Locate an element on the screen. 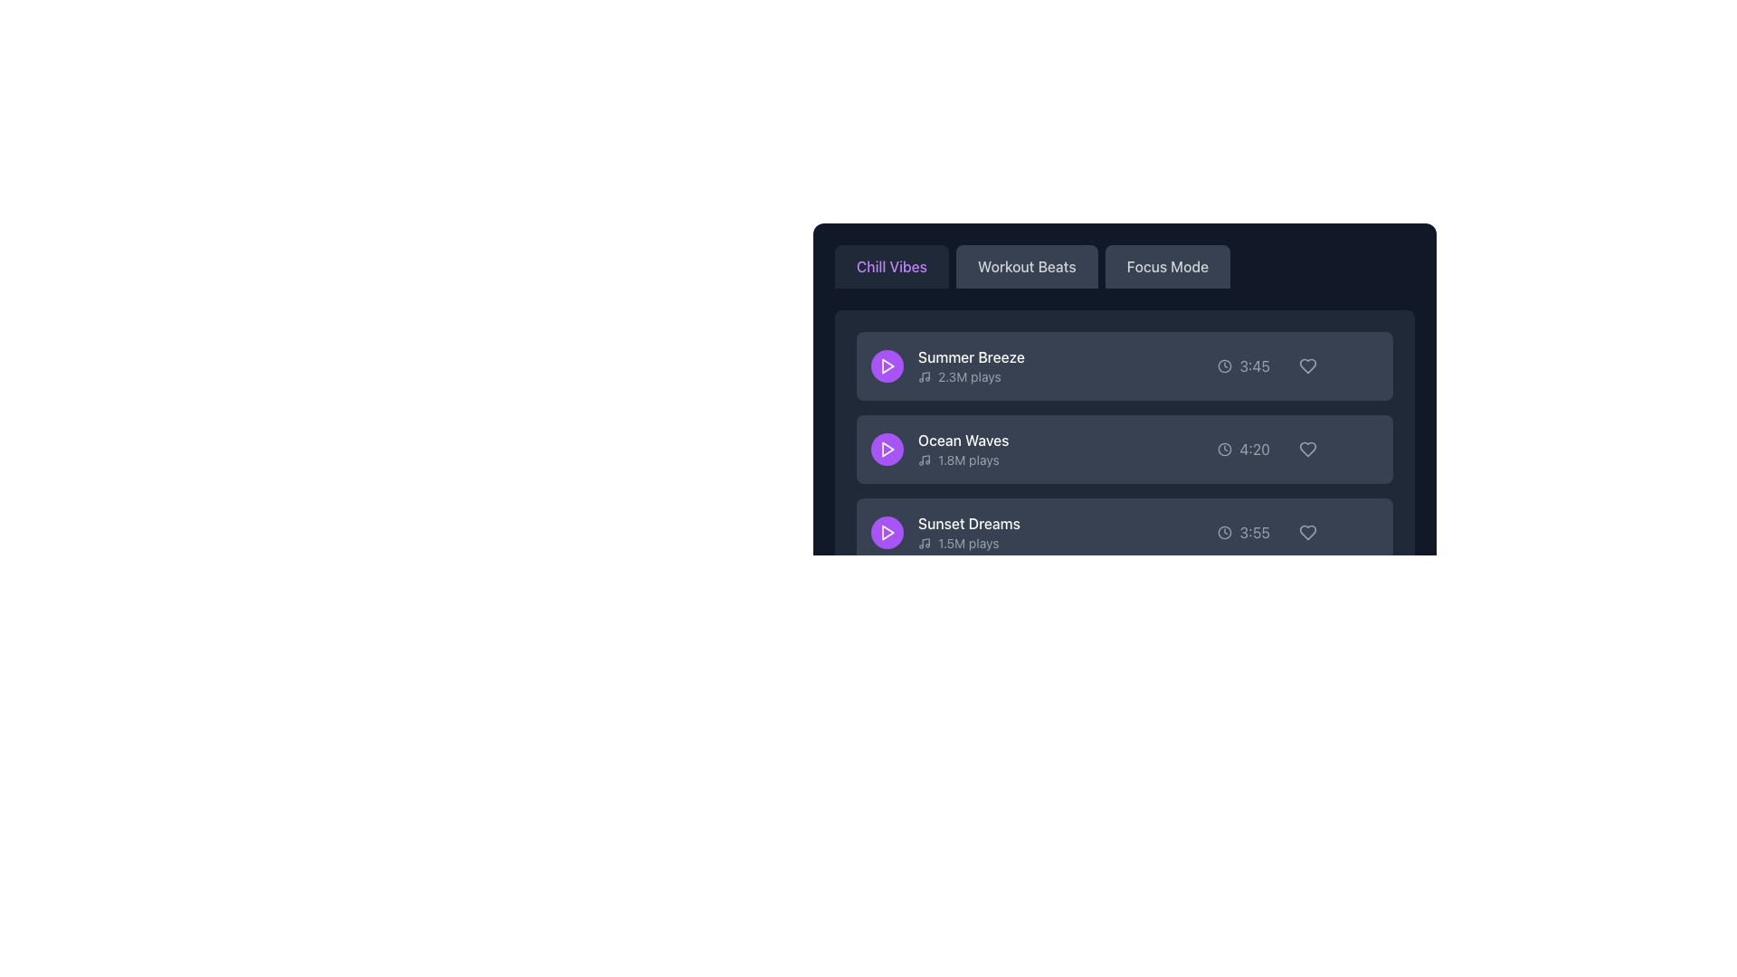 Image resolution: width=1737 pixels, height=977 pixels. the heart-shaped icon located to the far right of the first song entry, adjacent to the duration '3:45' is located at coordinates (1307, 366).